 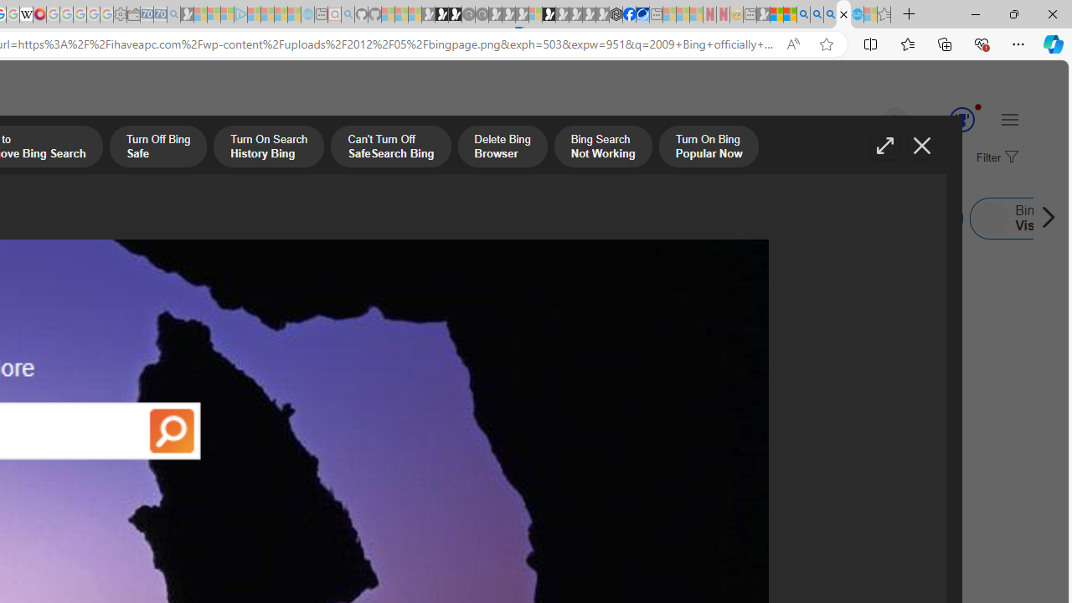 I want to click on '2009 Bing officially replaced Live Search on June 3 - Search', so click(x=817, y=14).